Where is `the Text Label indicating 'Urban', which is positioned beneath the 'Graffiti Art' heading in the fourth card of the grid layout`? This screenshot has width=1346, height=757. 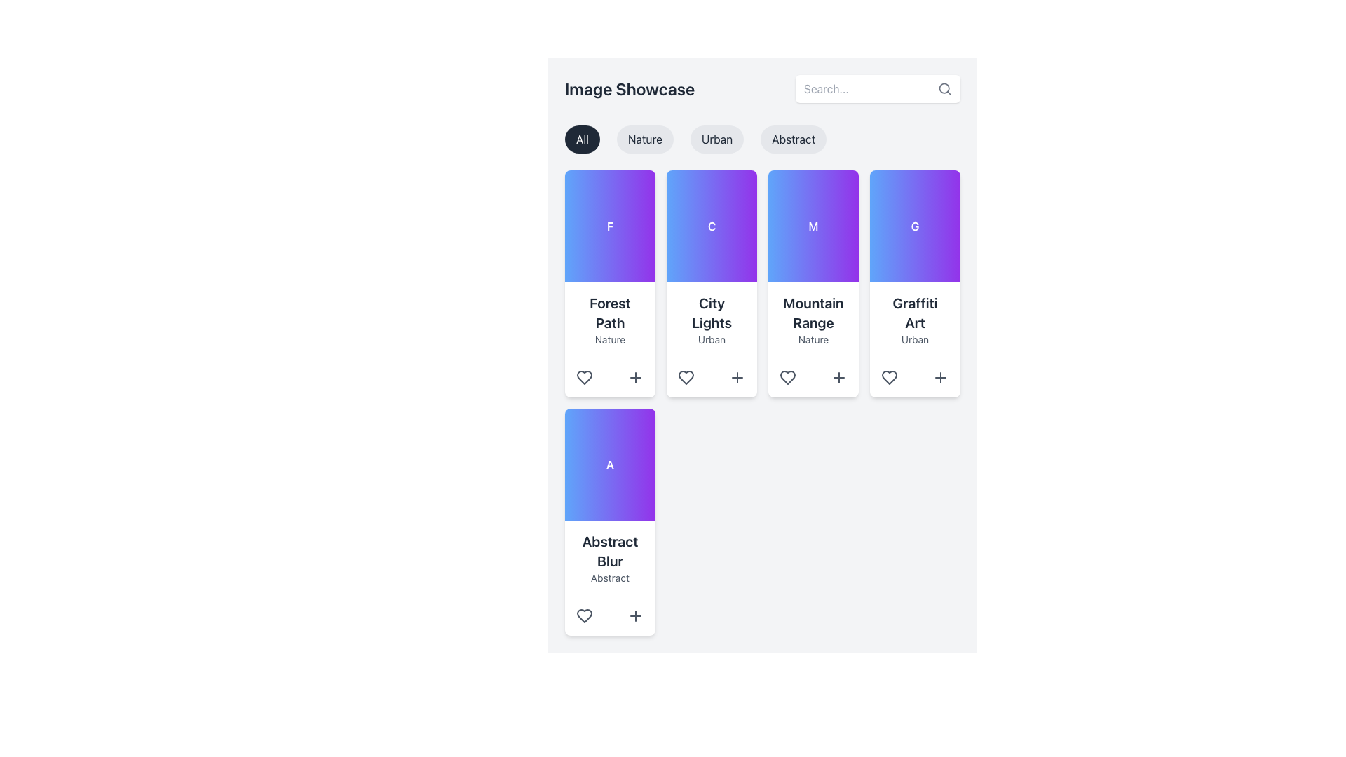
the Text Label indicating 'Urban', which is positioned beneath the 'Graffiti Art' heading in the fourth card of the grid layout is located at coordinates (915, 340).